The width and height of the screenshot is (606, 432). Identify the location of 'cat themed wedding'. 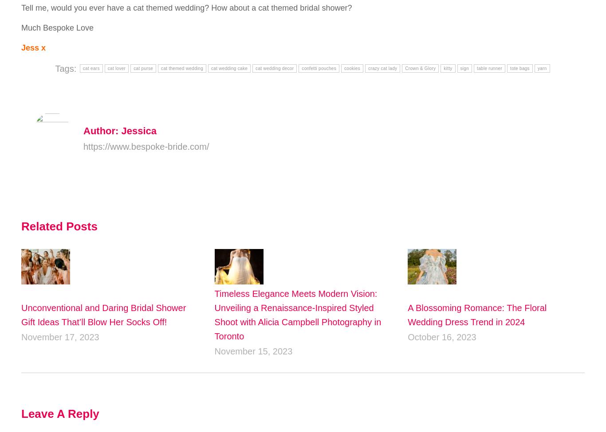
(181, 68).